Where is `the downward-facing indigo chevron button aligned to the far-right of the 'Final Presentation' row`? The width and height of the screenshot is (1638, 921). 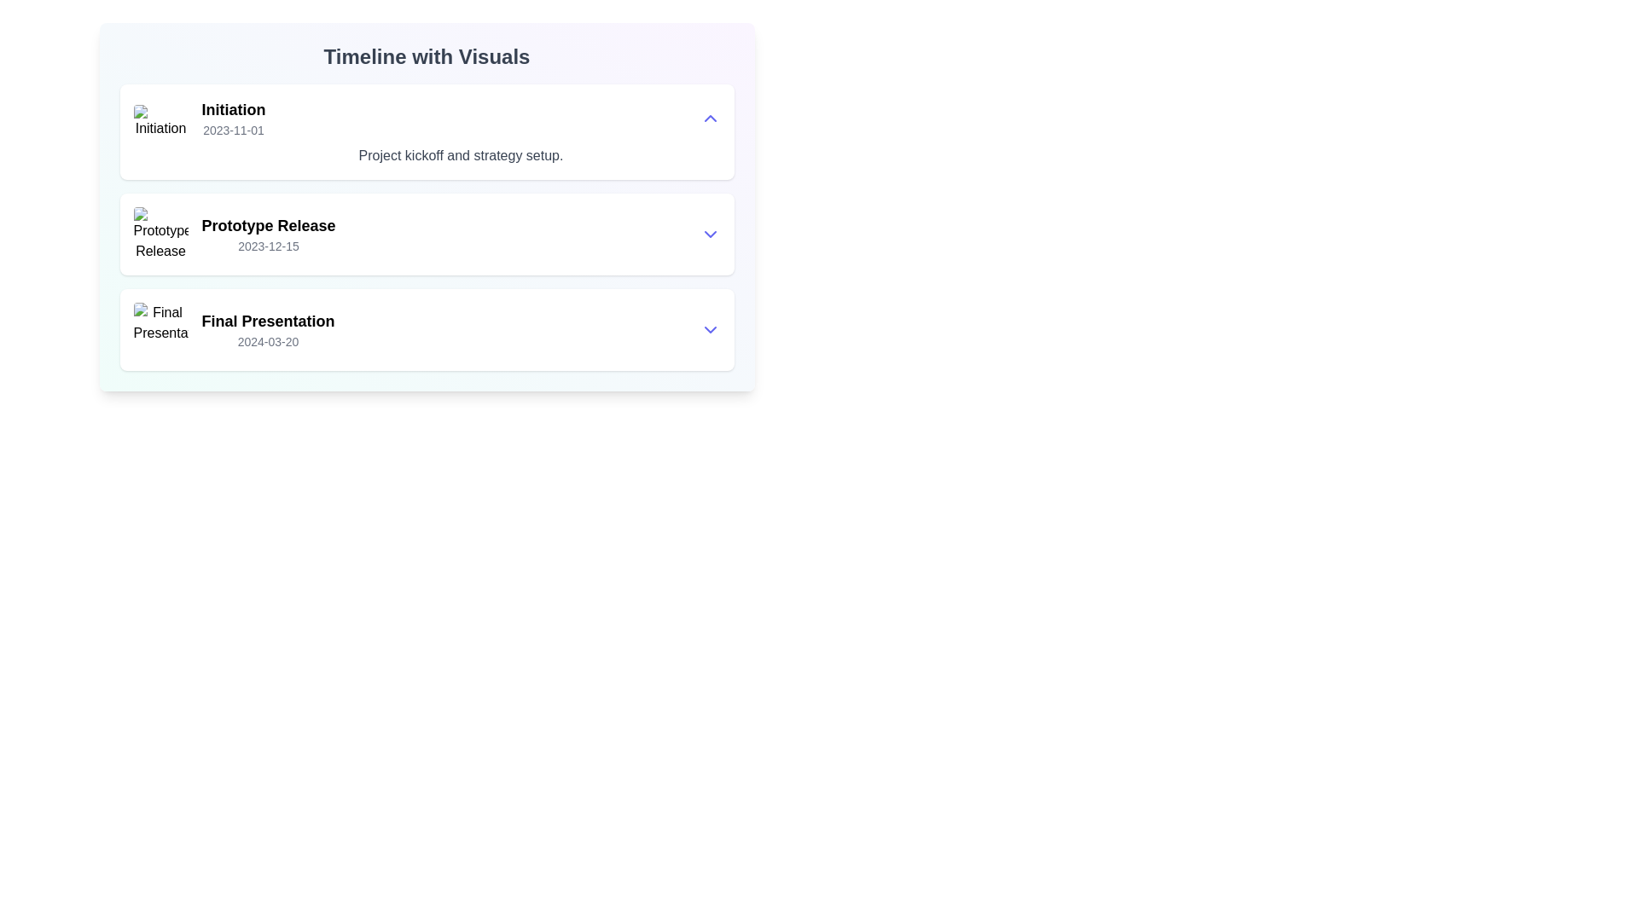 the downward-facing indigo chevron button aligned to the far-right of the 'Final Presentation' row is located at coordinates (710, 329).